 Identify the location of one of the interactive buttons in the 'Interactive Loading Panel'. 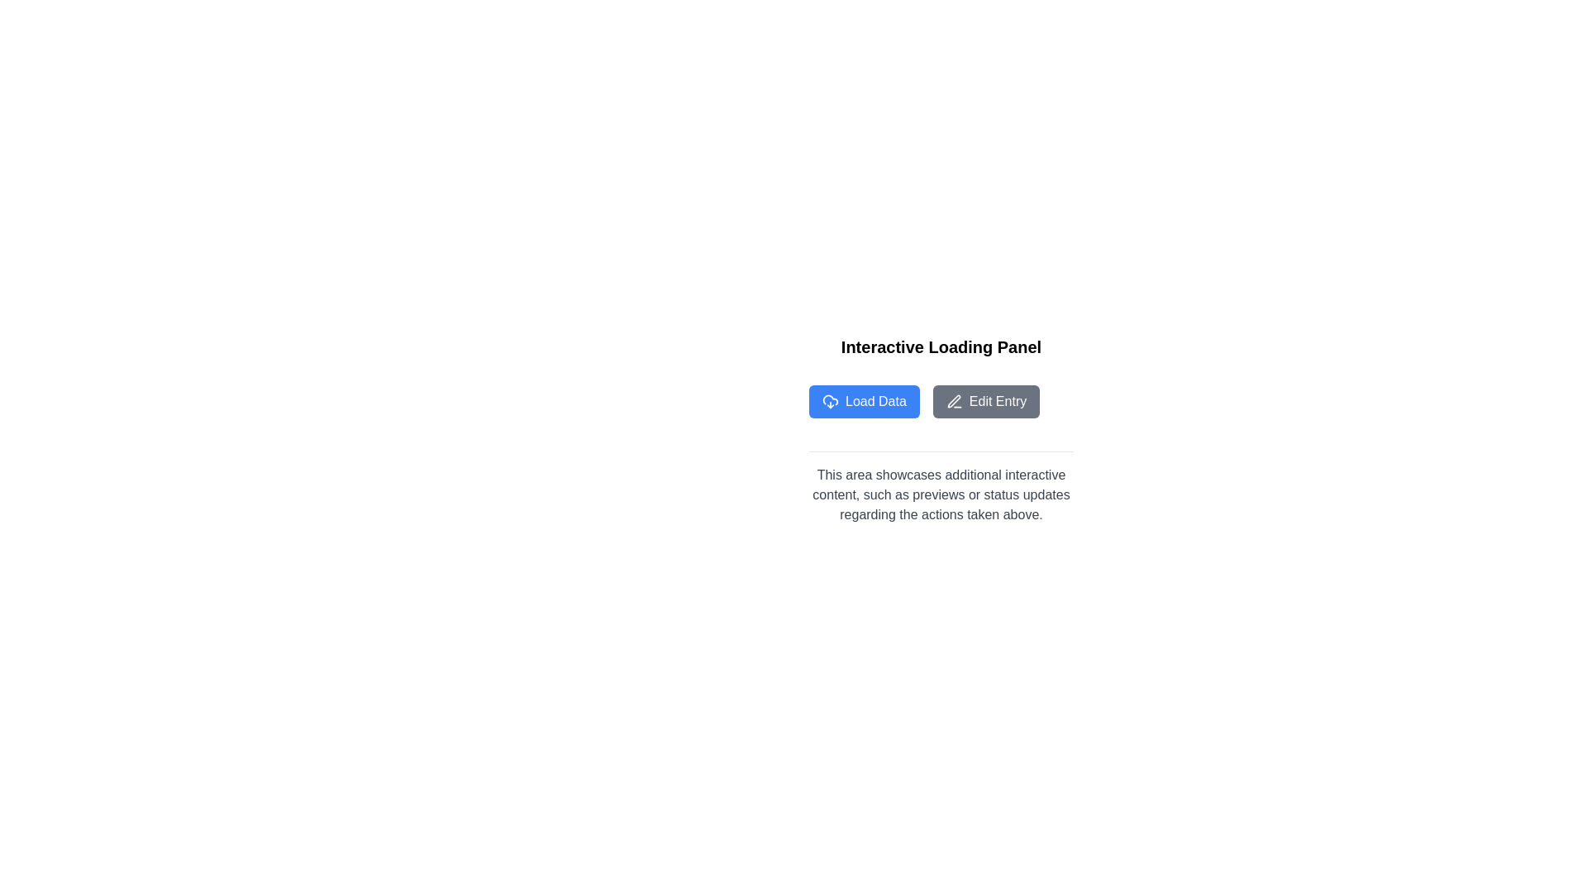
(941, 402).